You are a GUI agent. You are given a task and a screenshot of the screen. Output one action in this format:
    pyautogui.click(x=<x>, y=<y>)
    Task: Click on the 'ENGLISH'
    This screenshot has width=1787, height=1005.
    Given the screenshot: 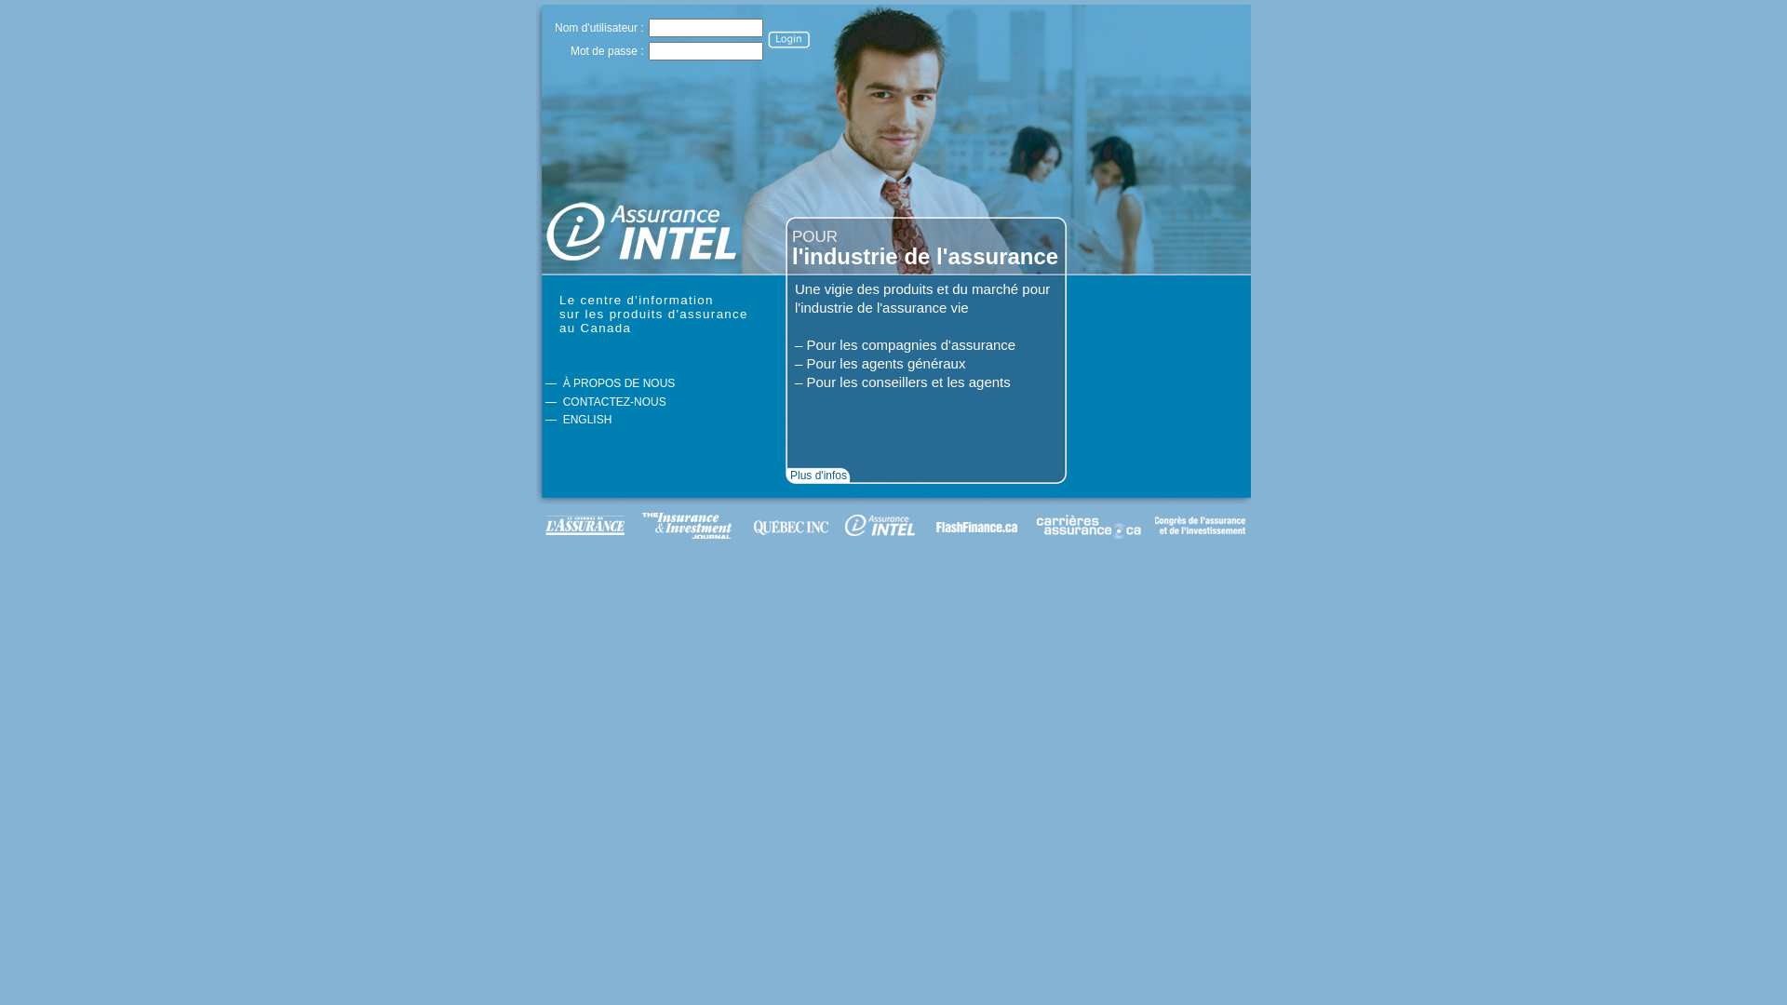 What is the action you would take?
    pyautogui.click(x=586, y=420)
    